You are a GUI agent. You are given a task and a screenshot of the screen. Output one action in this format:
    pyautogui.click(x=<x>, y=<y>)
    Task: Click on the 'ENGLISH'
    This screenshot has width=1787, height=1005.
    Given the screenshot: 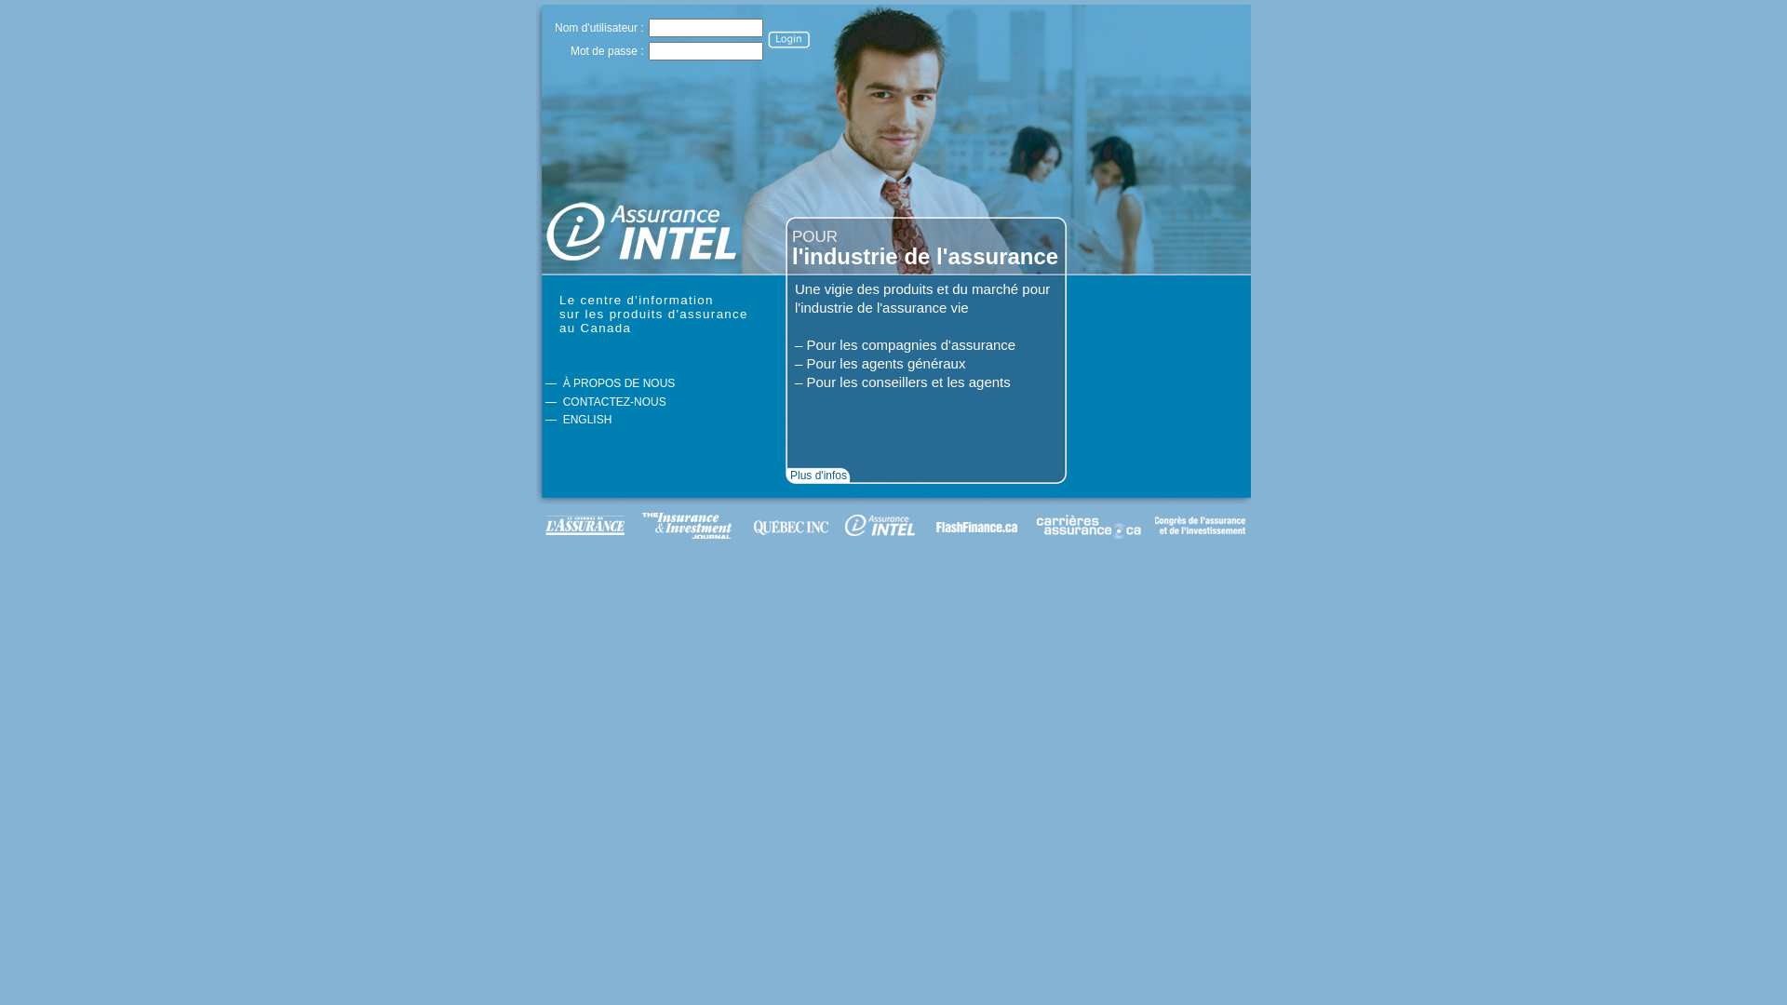 What is the action you would take?
    pyautogui.click(x=586, y=420)
    